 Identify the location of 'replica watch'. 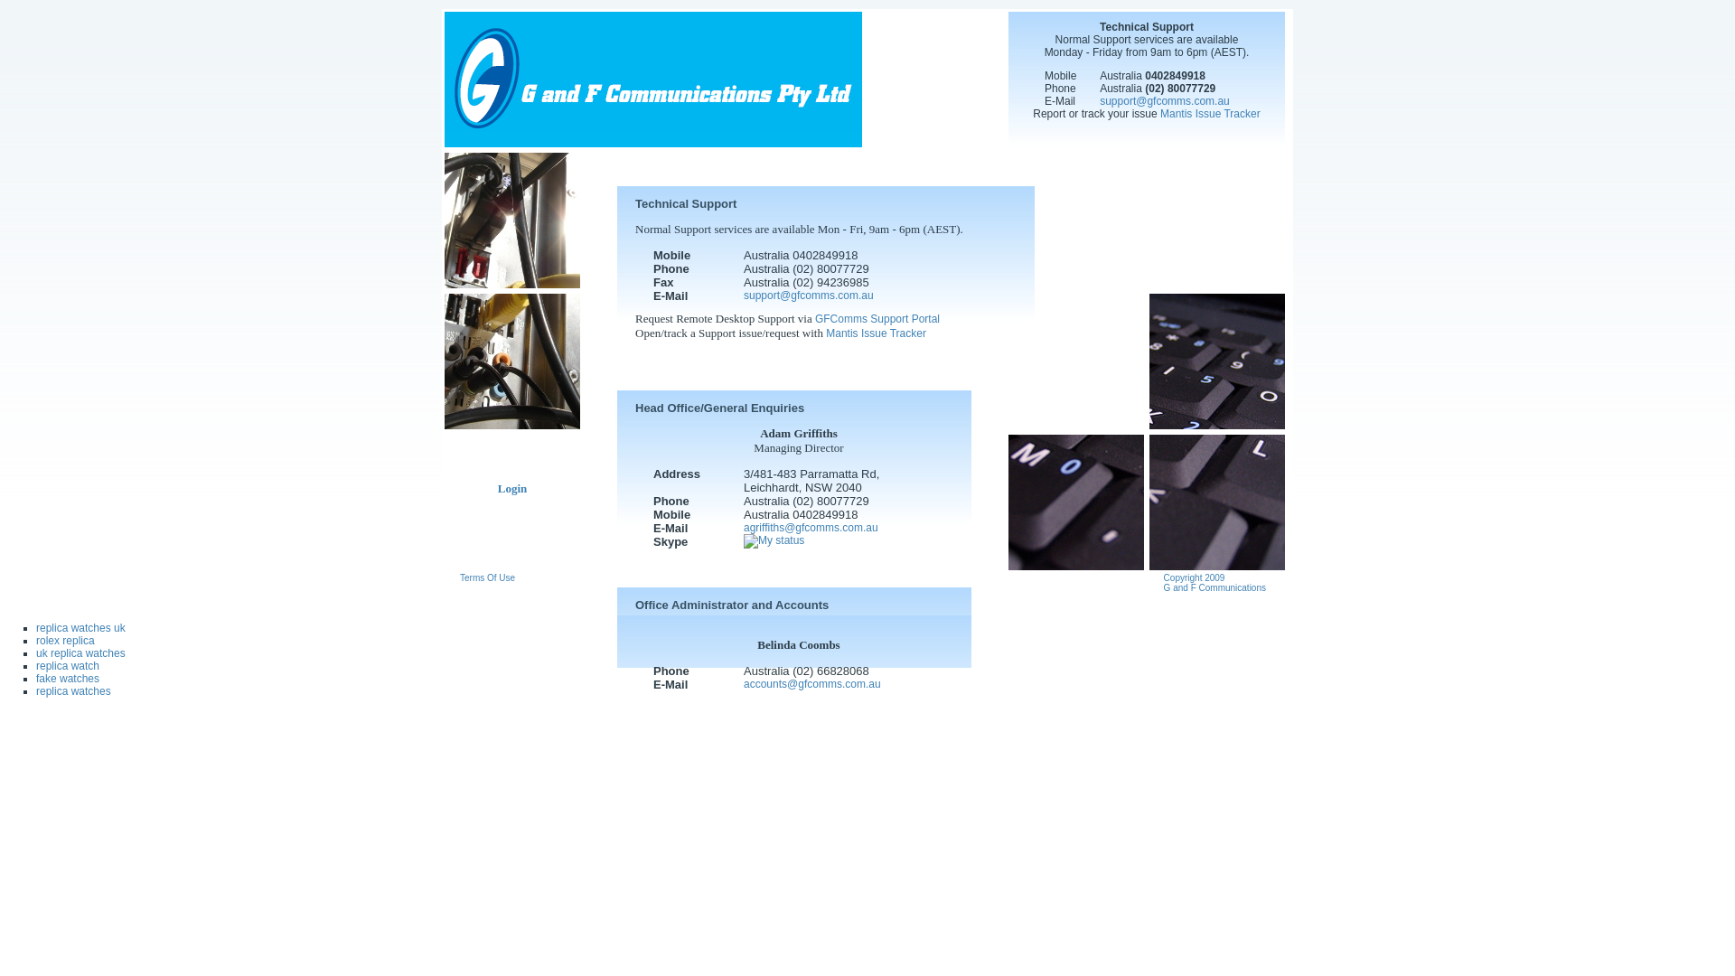
(68, 665).